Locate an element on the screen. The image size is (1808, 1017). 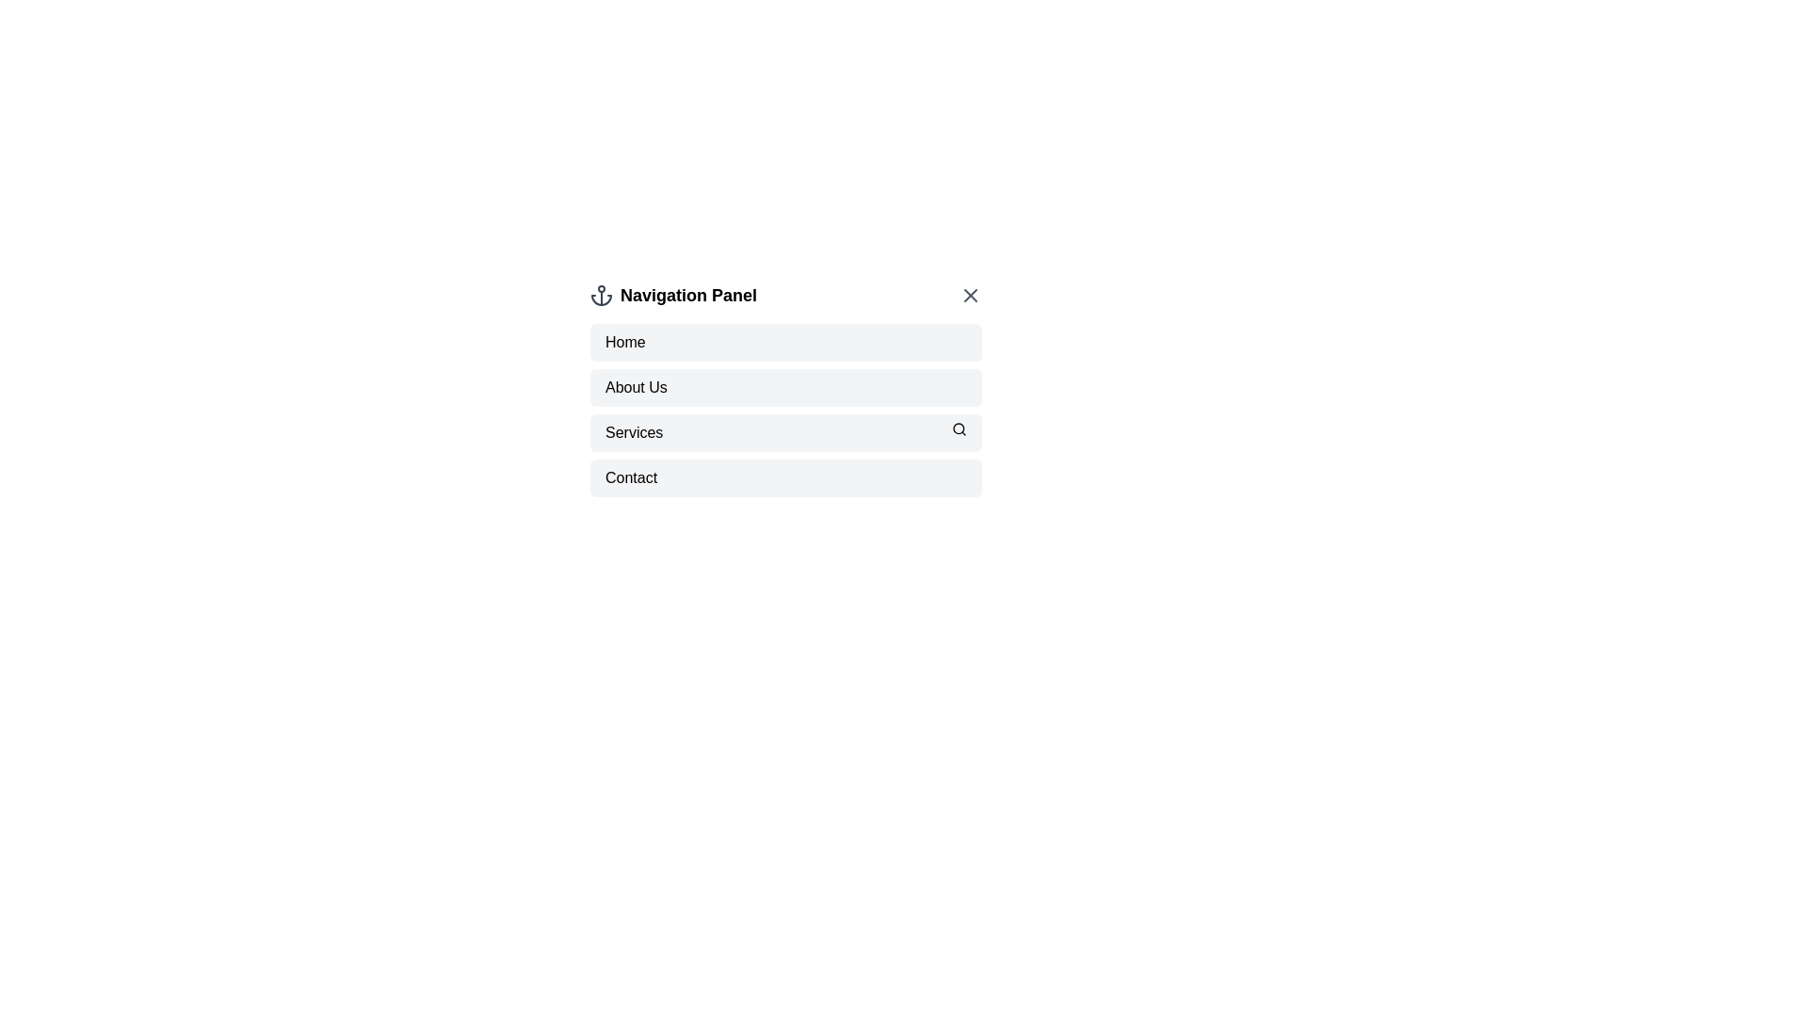
the curved line segment of the anchor icon, which is styled with a black outline and located near the top-left corner of the navigation panel interface is located at coordinates (600, 299).